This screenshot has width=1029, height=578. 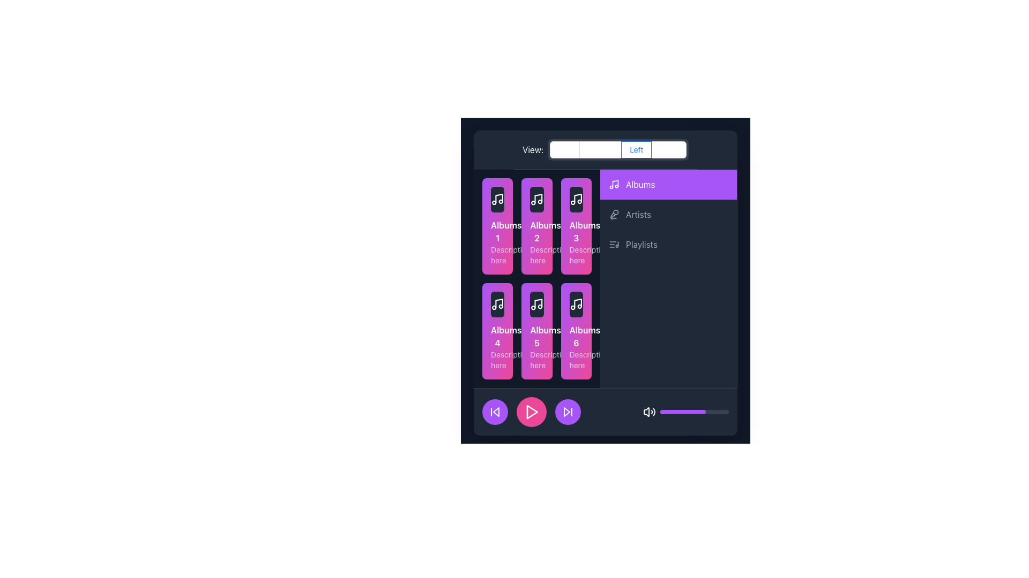 What do you see at coordinates (668, 244) in the screenshot?
I see `the third option in the vertical navigation menu` at bounding box center [668, 244].